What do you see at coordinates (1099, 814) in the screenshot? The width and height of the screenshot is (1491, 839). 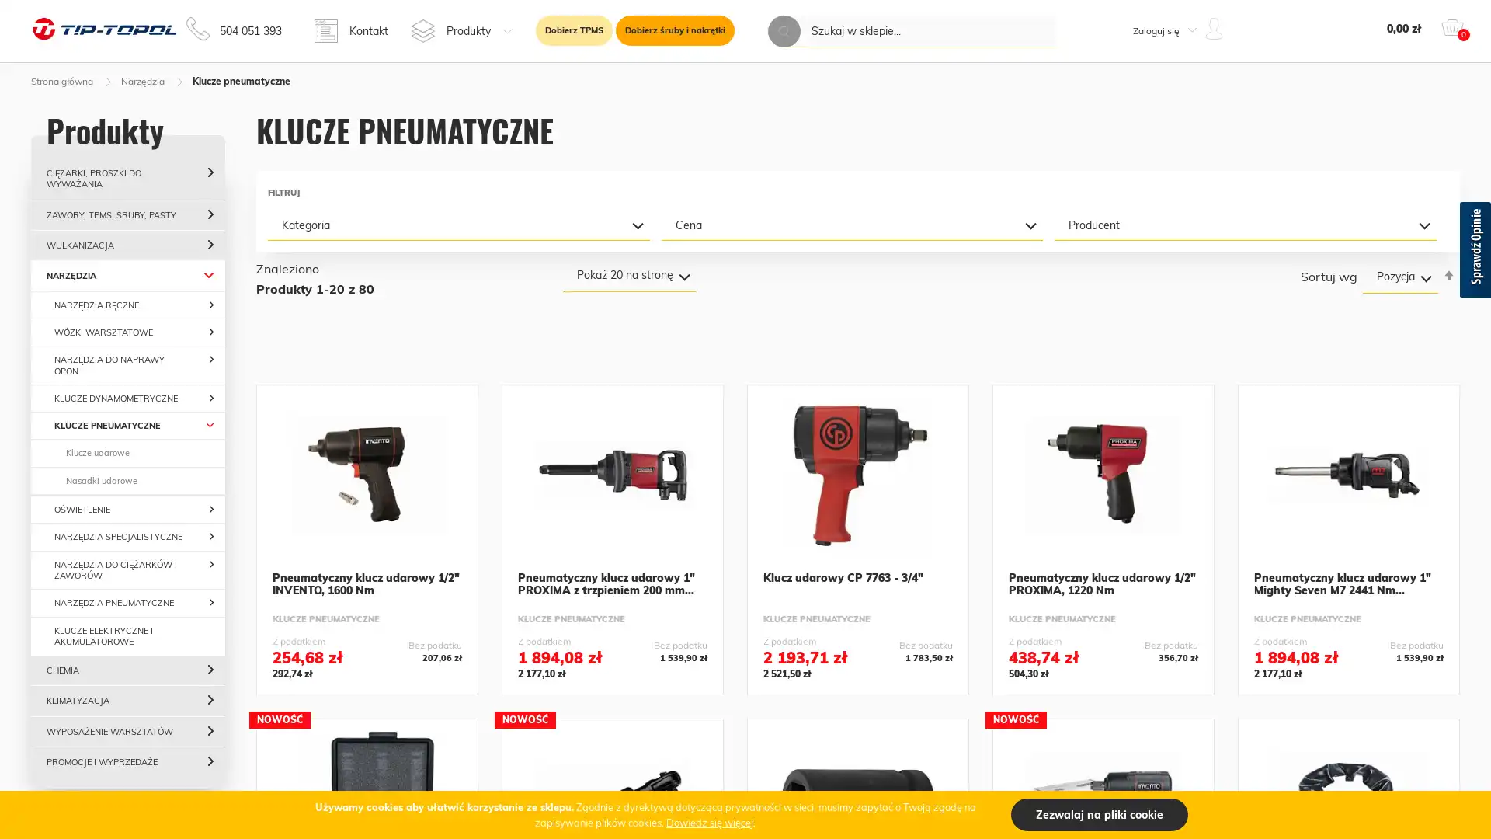 I see `Zezwalaj na pliki cookie` at bounding box center [1099, 814].